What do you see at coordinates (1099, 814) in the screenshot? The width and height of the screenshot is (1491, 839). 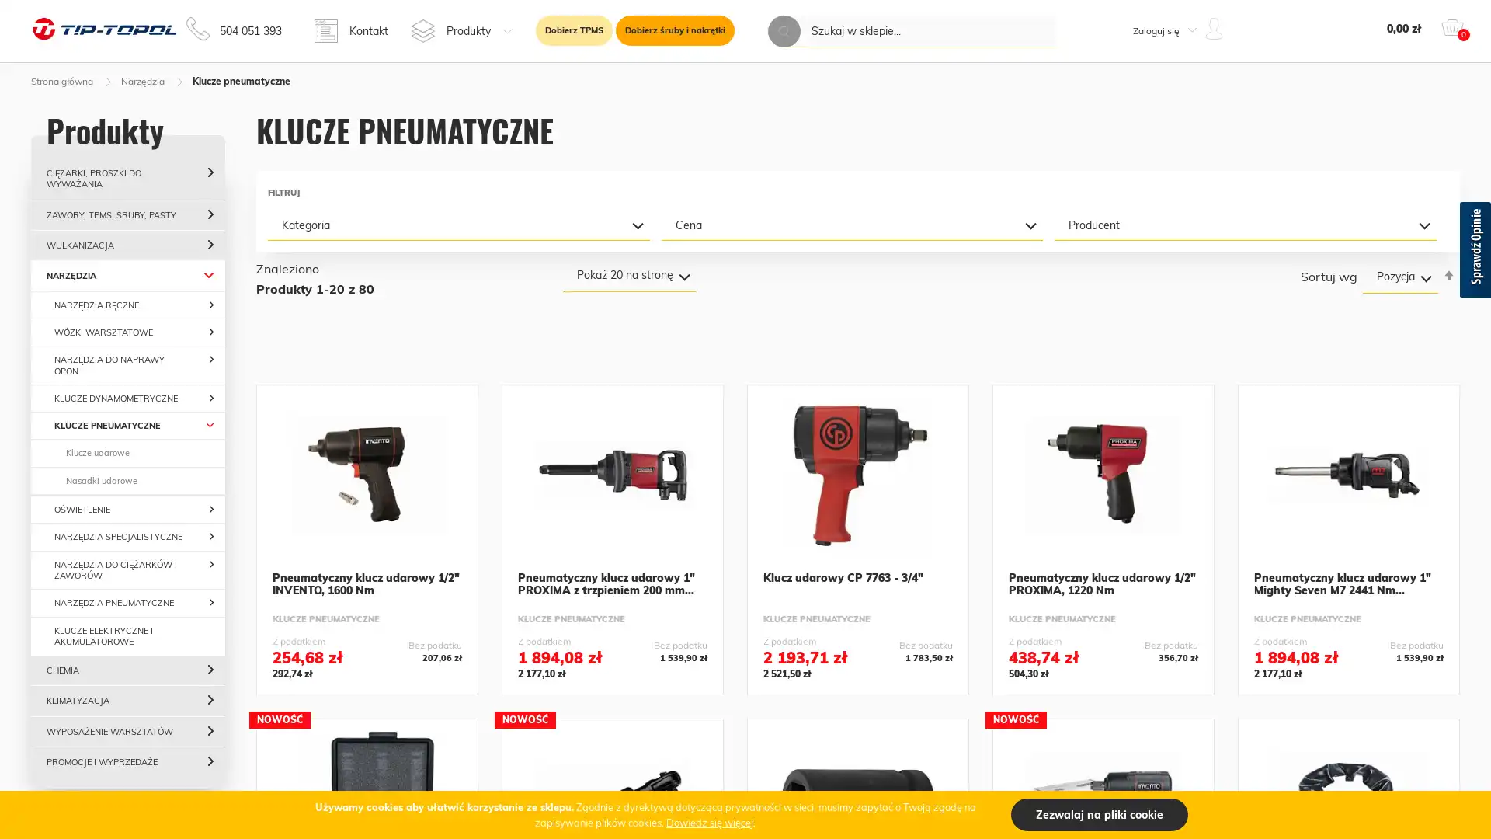 I see `Zezwalaj na pliki cookie` at bounding box center [1099, 814].